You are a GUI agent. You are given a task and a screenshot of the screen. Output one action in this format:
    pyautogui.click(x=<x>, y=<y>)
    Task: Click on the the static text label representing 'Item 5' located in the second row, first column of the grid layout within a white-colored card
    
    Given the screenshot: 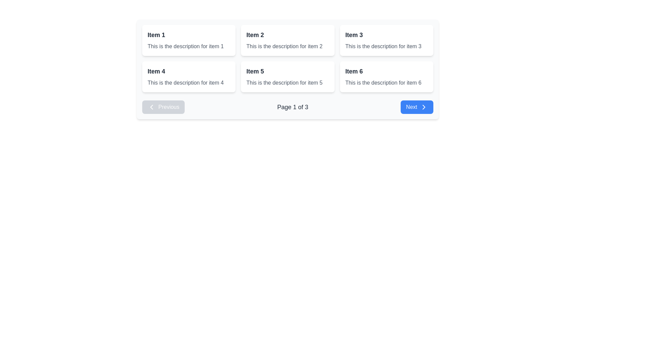 What is the action you would take?
    pyautogui.click(x=255, y=71)
    